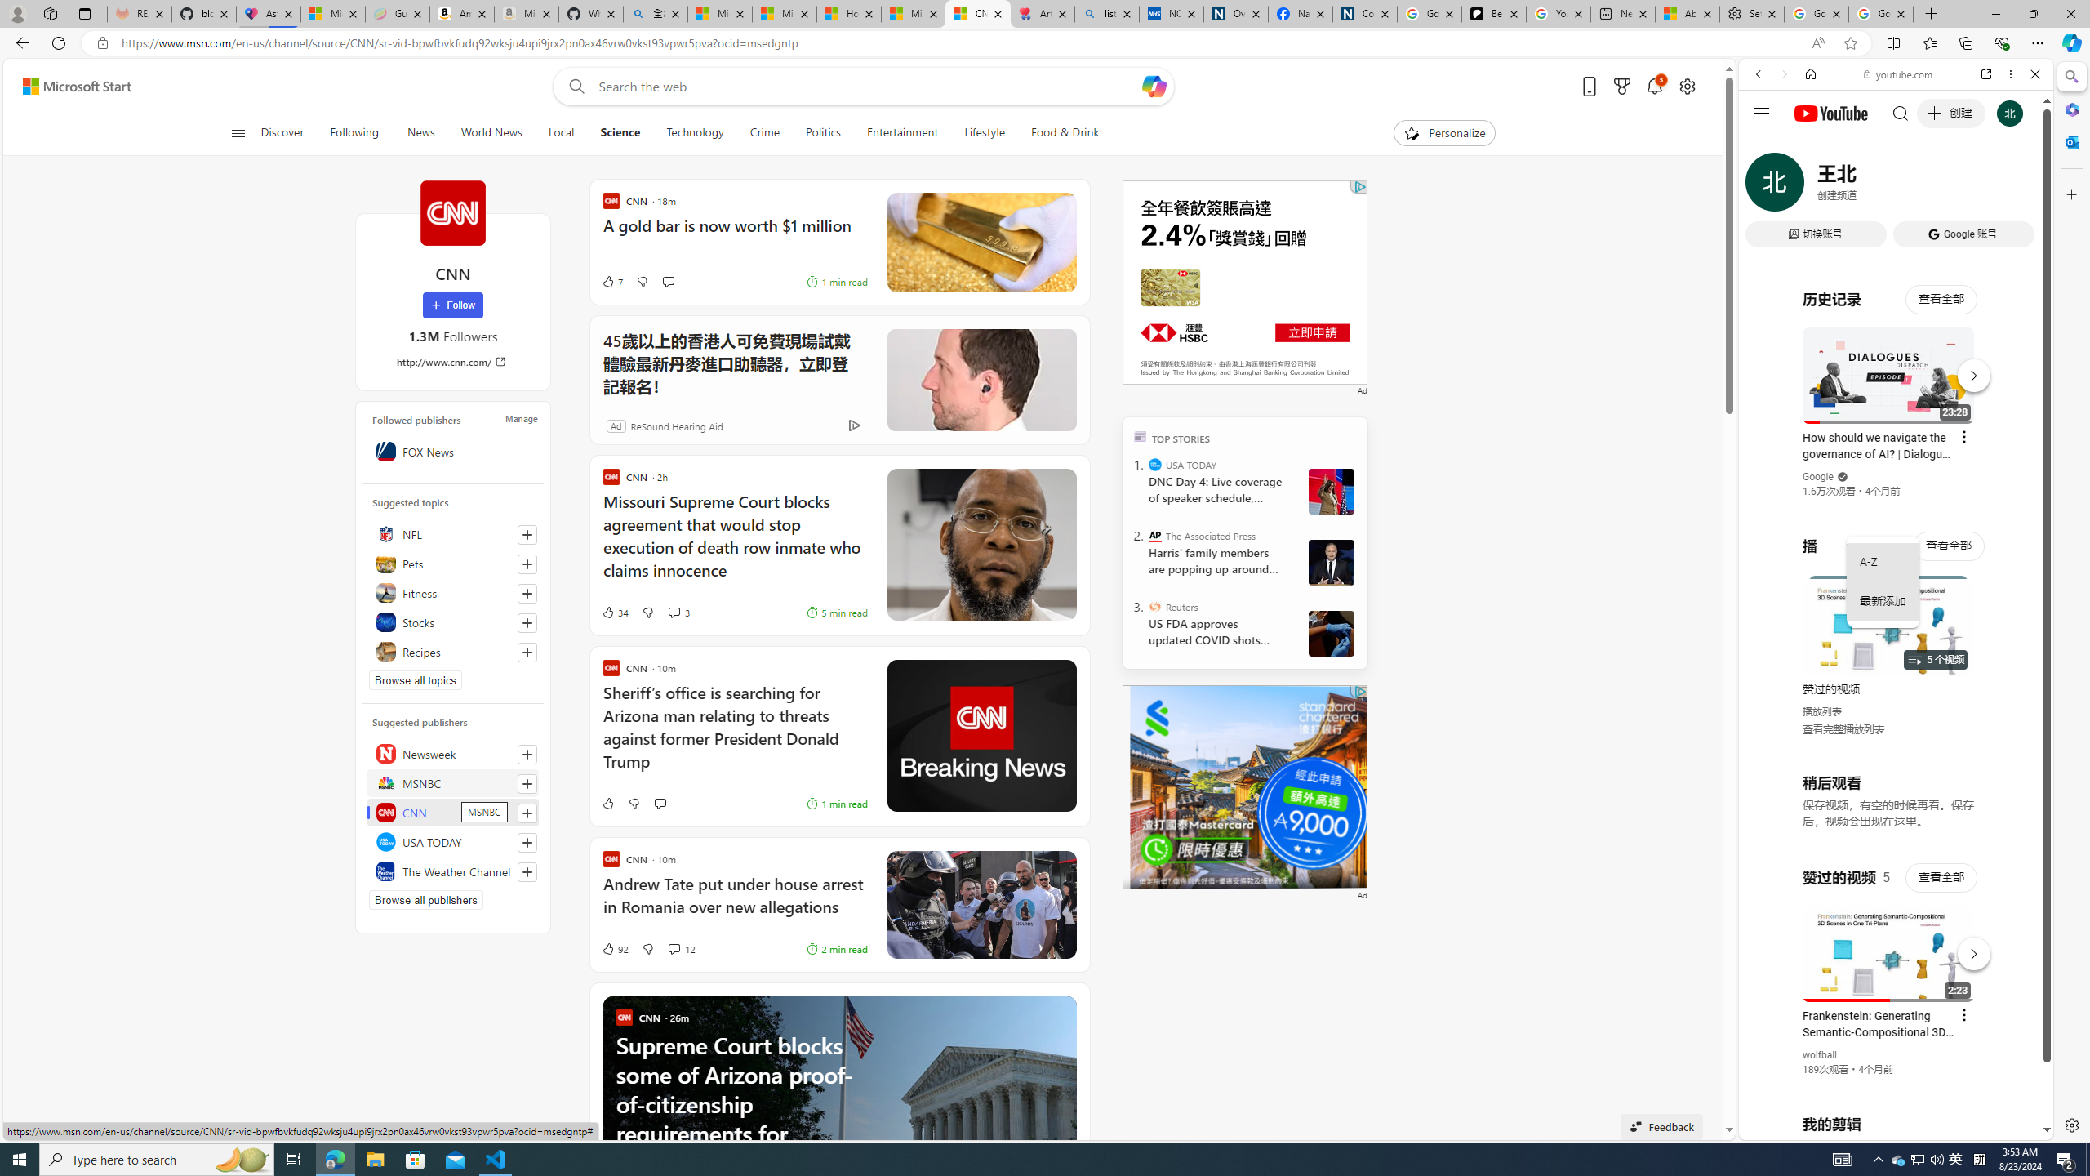 This screenshot has height=1176, width=2090. What do you see at coordinates (1866, 185) in the screenshot?
I see `'Search Filter, VIDEOS'` at bounding box center [1866, 185].